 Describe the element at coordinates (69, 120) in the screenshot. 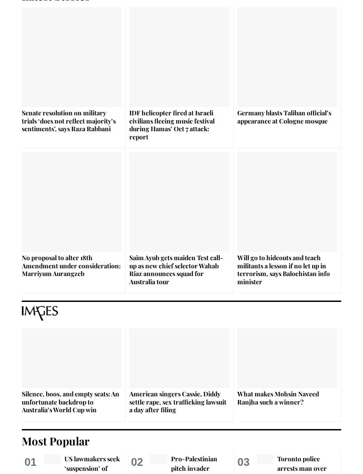

I see `'Senate resolution on military trials ‘does not reflect majority’s sentiments’, says Raza Rabbani'` at that location.